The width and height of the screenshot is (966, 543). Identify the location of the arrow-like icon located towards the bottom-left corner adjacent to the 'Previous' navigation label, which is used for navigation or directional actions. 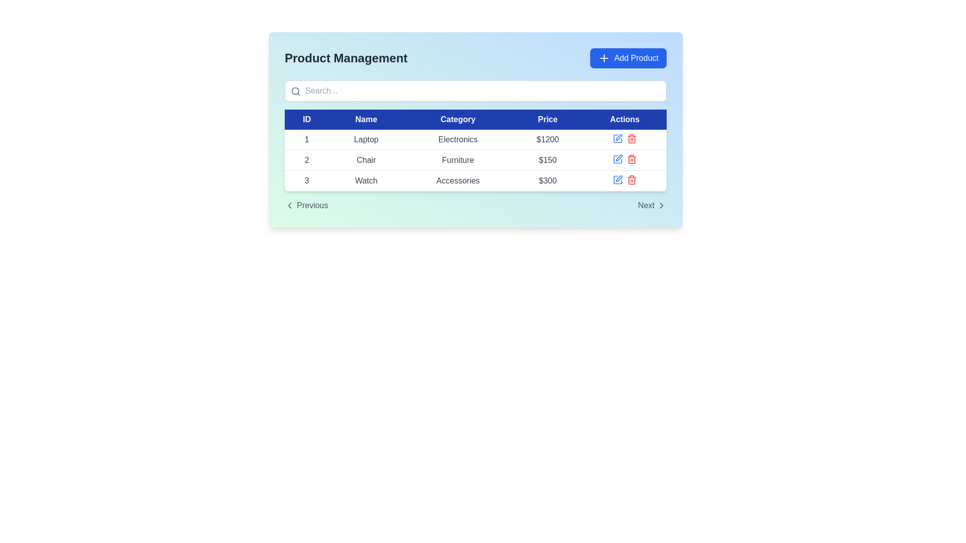
(289, 205).